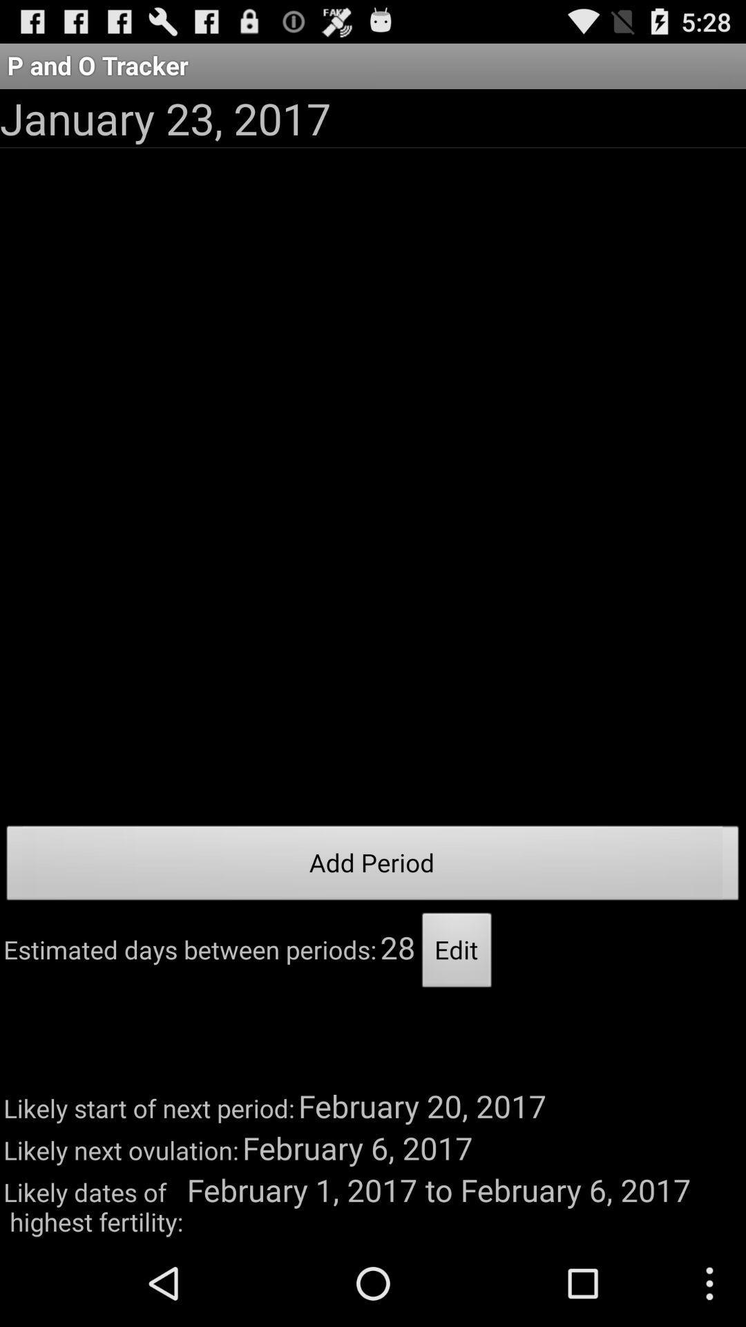 The height and width of the screenshot is (1327, 746). What do you see at coordinates (373, 866) in the screenshot?
I see `the icon below the january 23, 2017 icon` at bounding box center [373, 866].